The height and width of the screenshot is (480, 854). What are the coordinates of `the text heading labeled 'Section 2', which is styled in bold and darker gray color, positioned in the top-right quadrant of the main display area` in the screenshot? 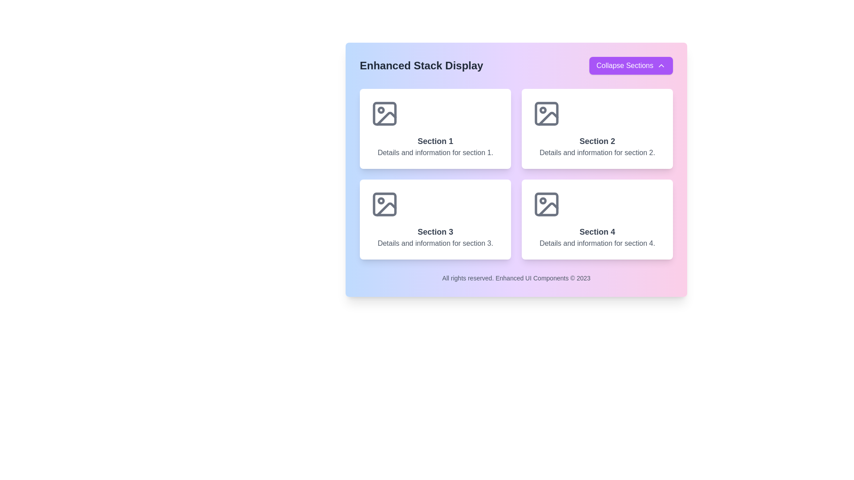 It's located at (597, 140).